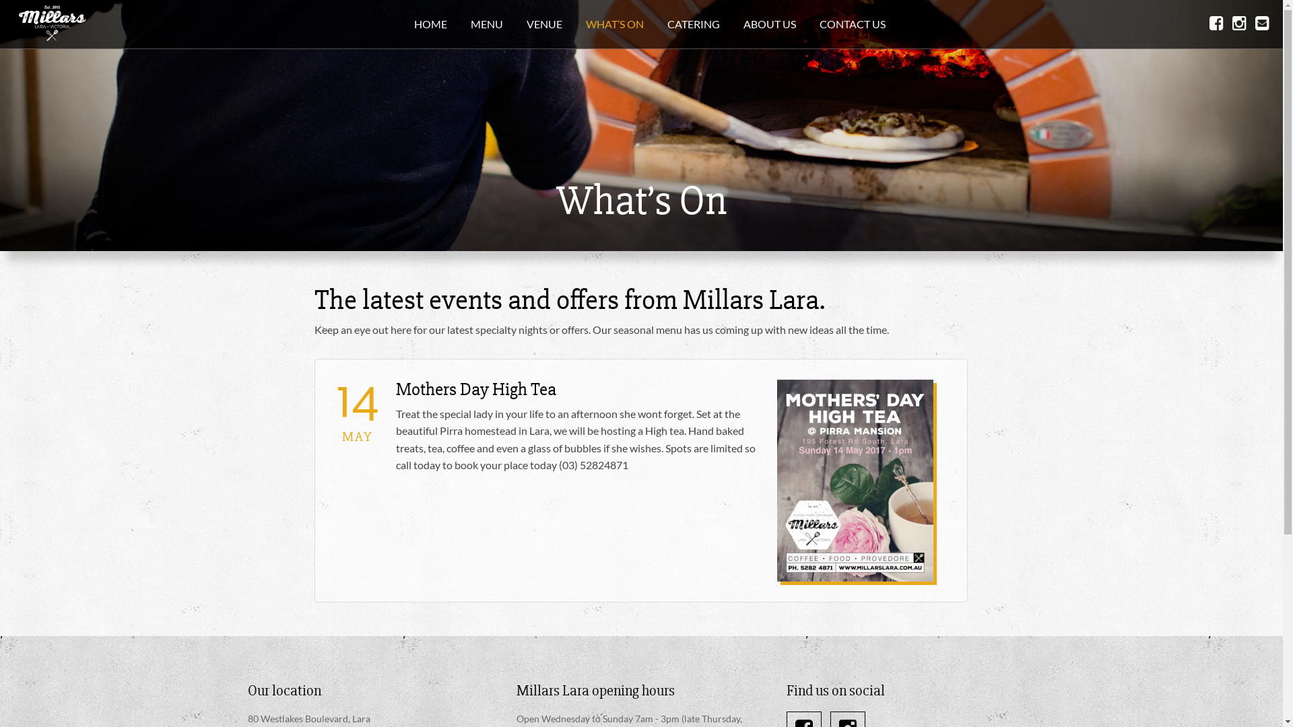 Image resolution: width=1293 pixels, height=727 pixels. I want to click on 'CONTACT US', so click(852, 24).